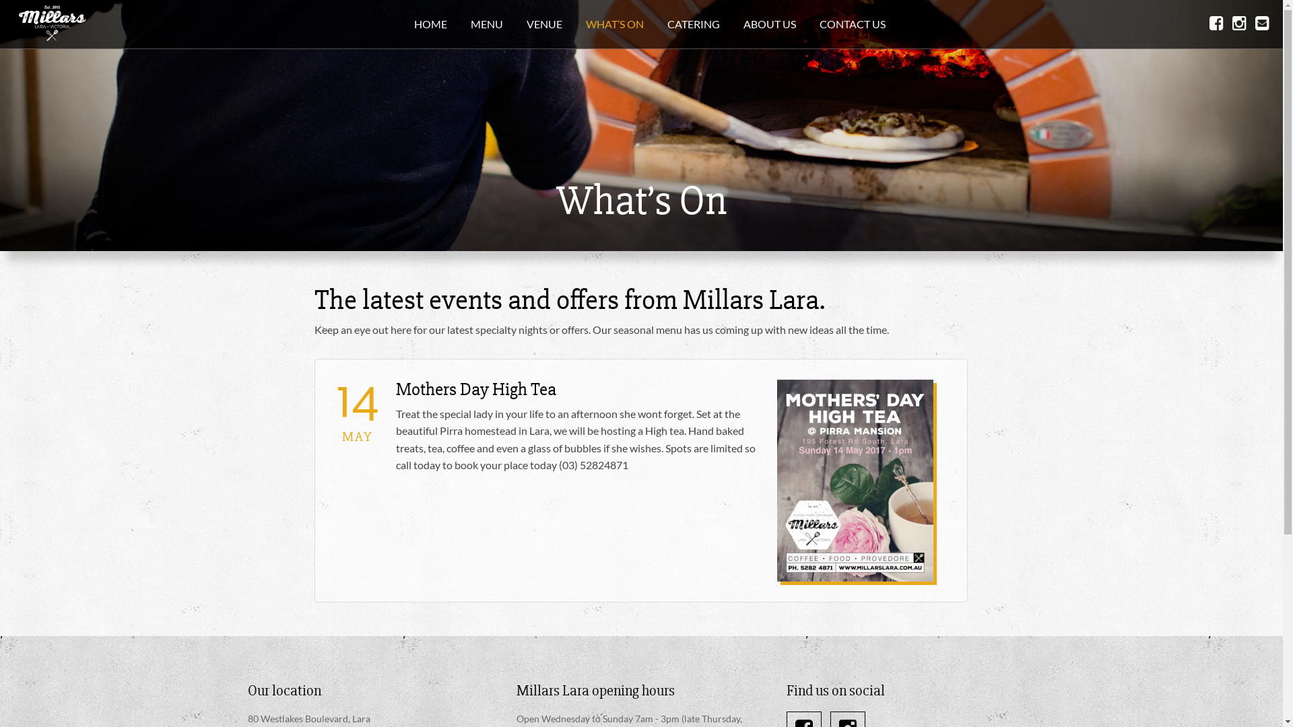 Image resolution: width=1293 pixels, height=727 pixels. I want to click on 'CONTACT US', so click(852, 24).